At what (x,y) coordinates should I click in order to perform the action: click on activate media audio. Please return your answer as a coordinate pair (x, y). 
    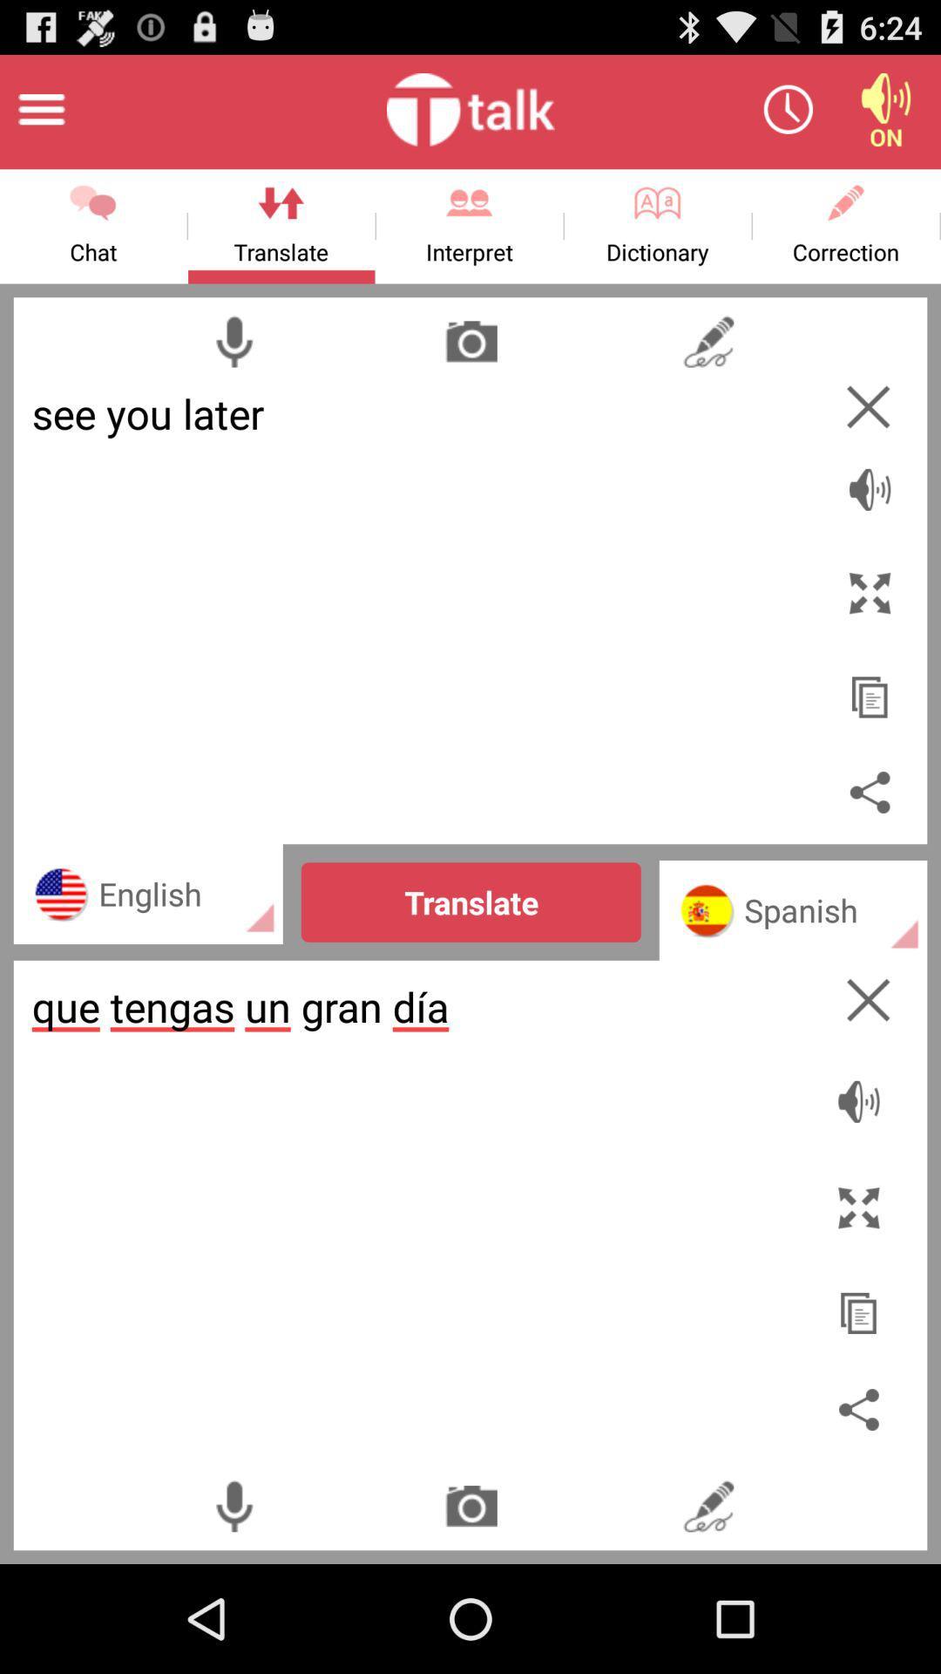
    Looking at the image, I should click on (886, 108).